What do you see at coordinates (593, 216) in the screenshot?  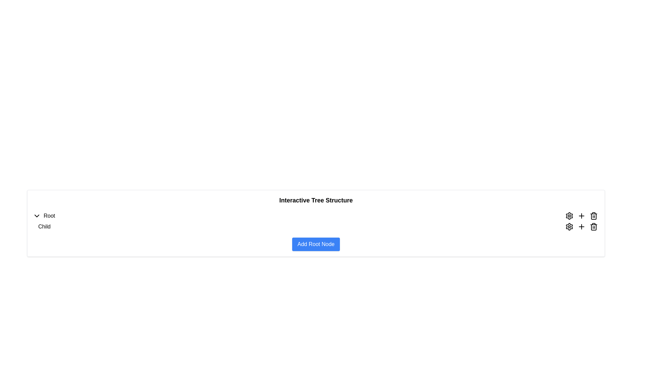 I see `the trash can icon button located at the far right of a horizontal sequence of three icons` at bounding box center [593, 216].